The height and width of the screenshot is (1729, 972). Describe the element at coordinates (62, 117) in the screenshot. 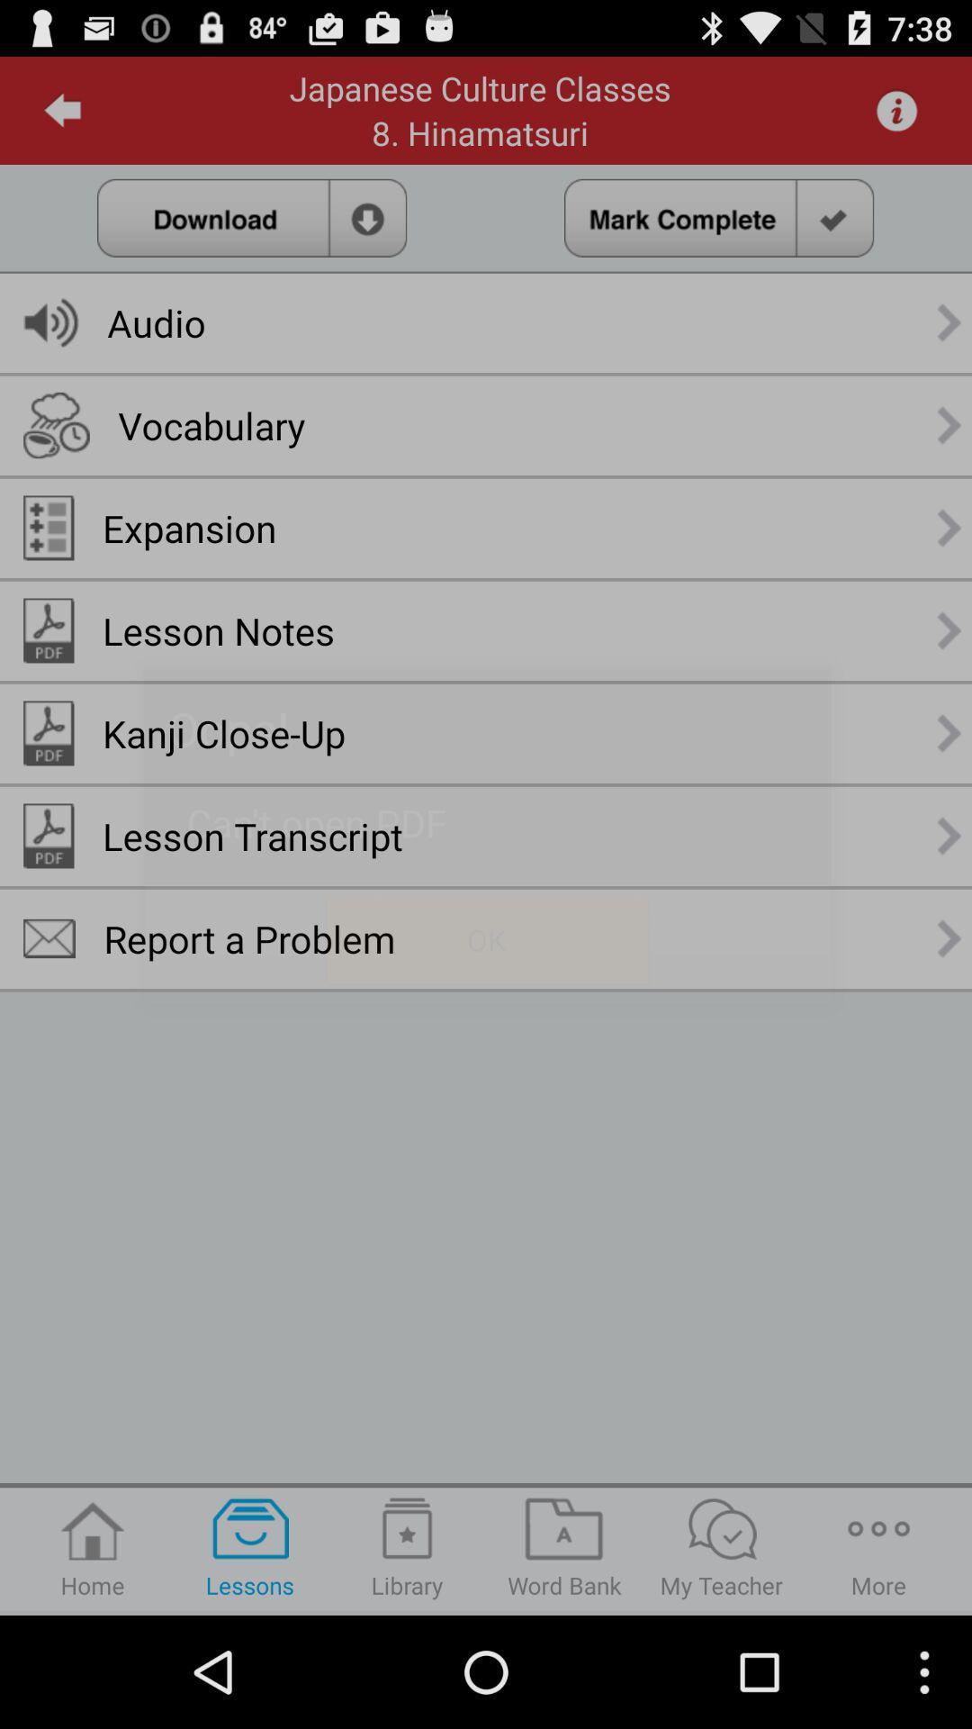

I see `the arrow_backward icon` at that location.